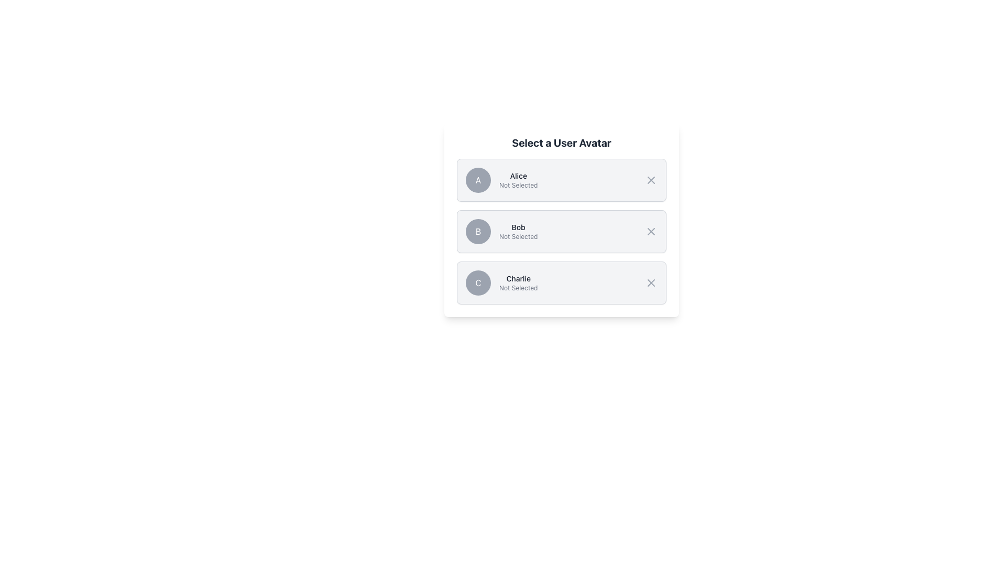 The height and width of the screenshot is (566, 1006). I want to click on the user avatar icon representing 'Bob' located in the second row of the 'Select a User Avatar' component, so click(477, 231).